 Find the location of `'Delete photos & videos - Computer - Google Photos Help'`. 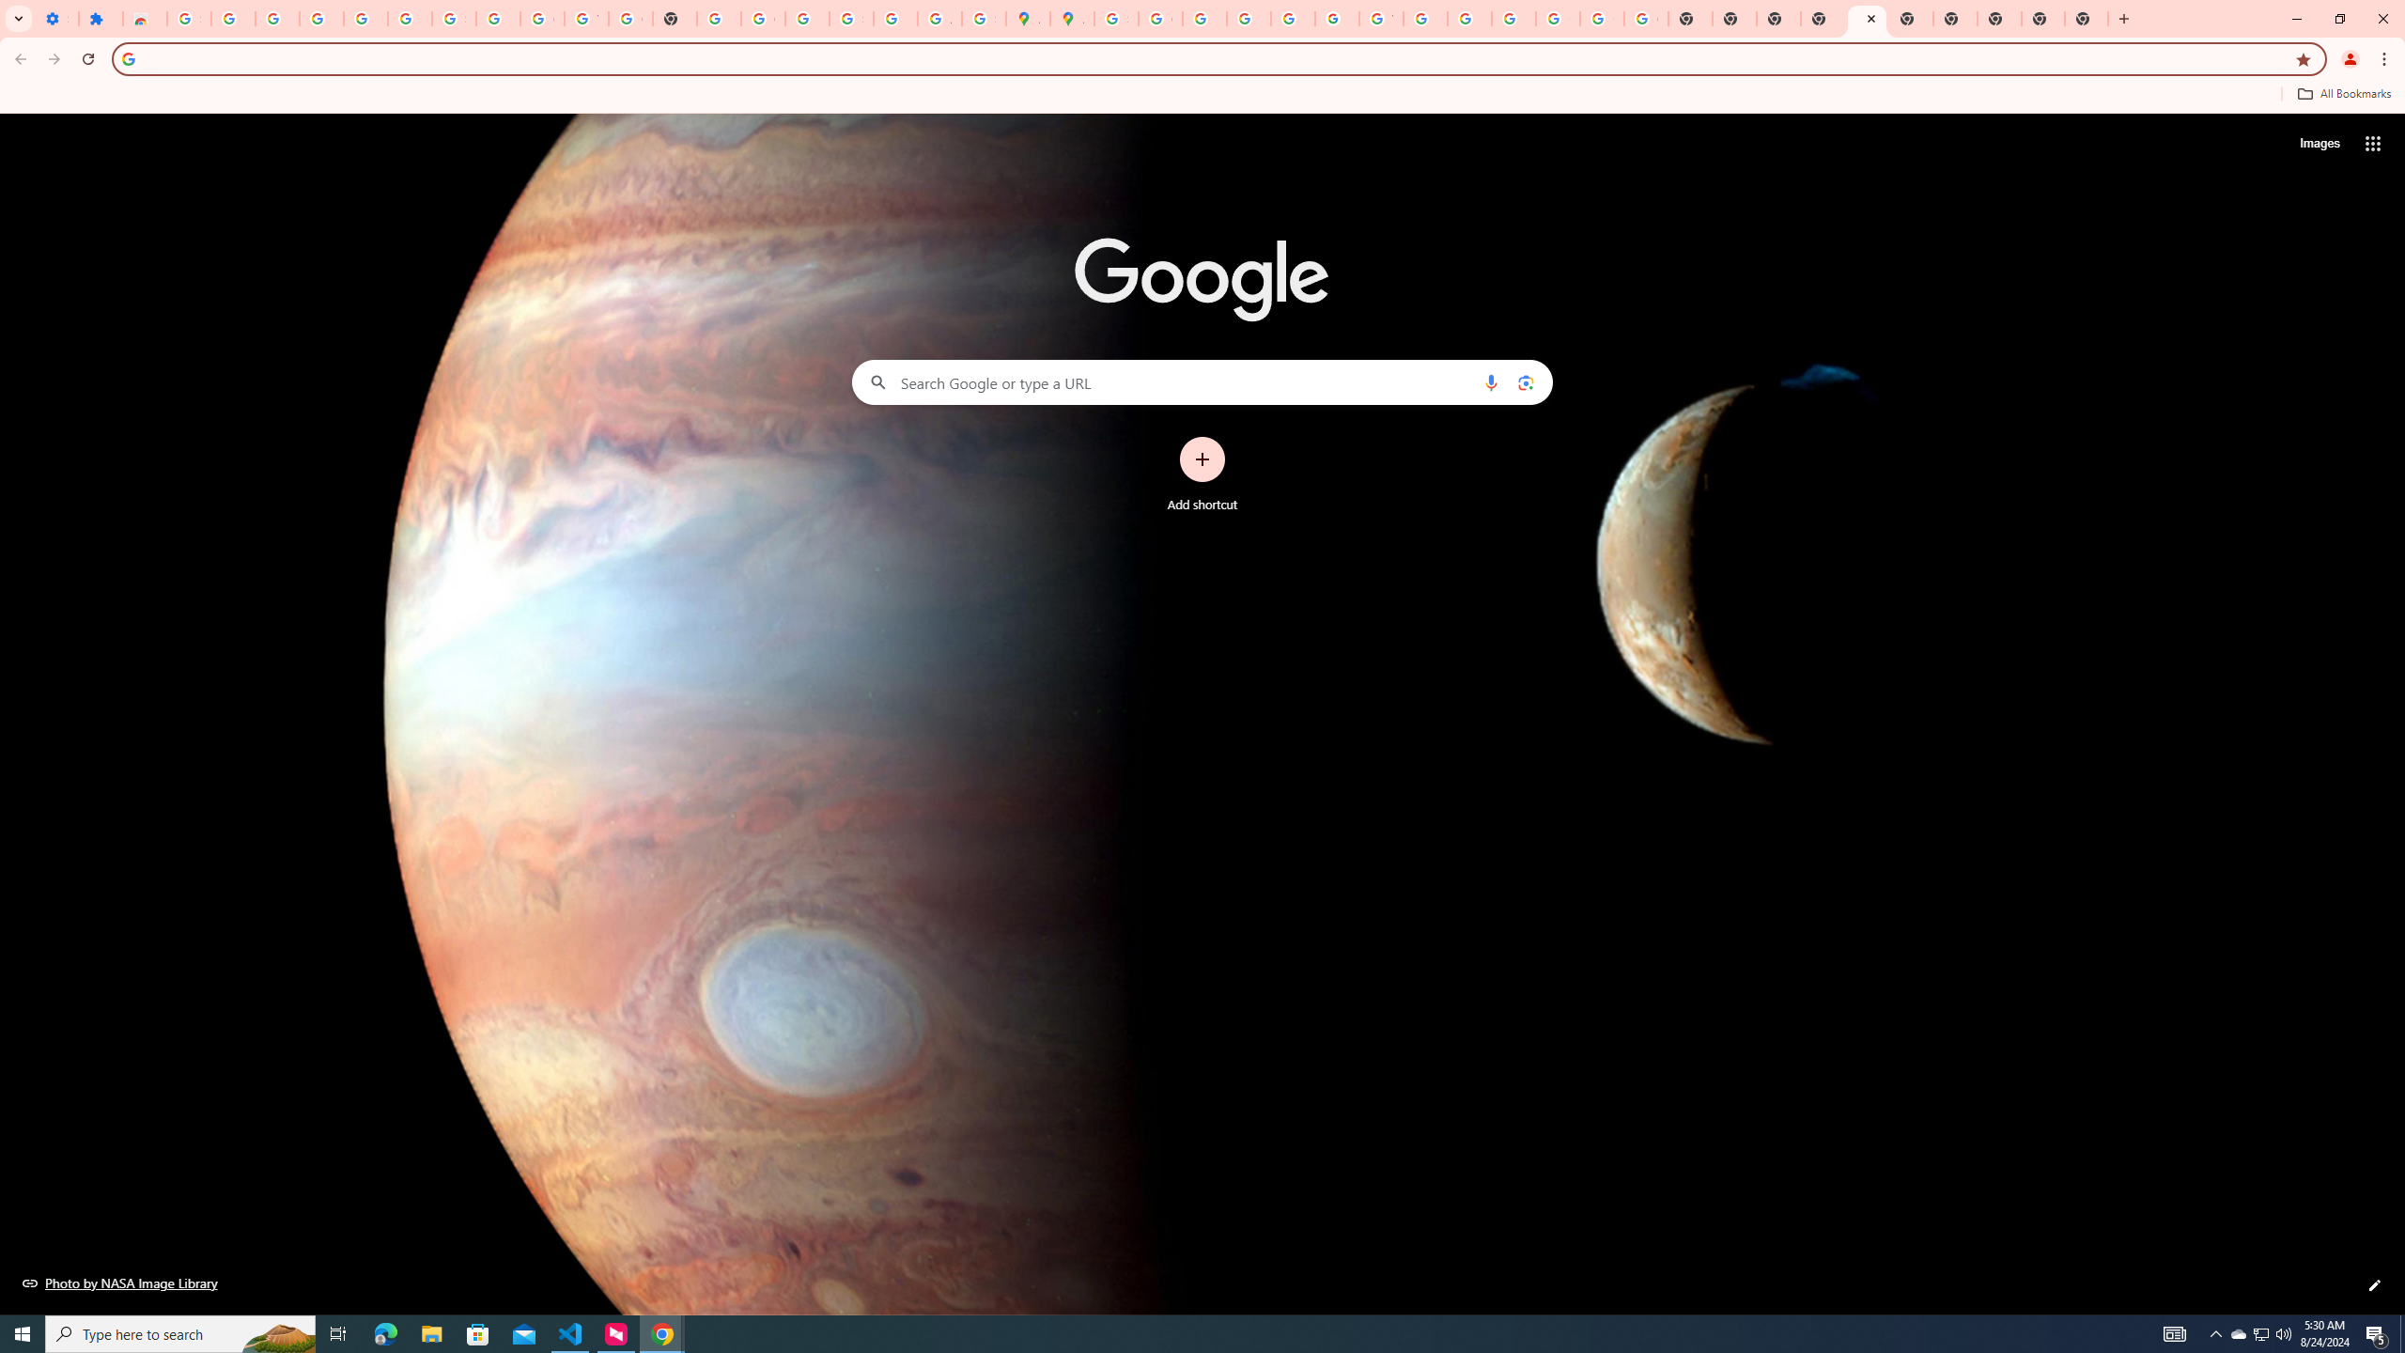

'Delete photos & videos - Computer - Google Photos Help' is located at coordinates (320, 18).